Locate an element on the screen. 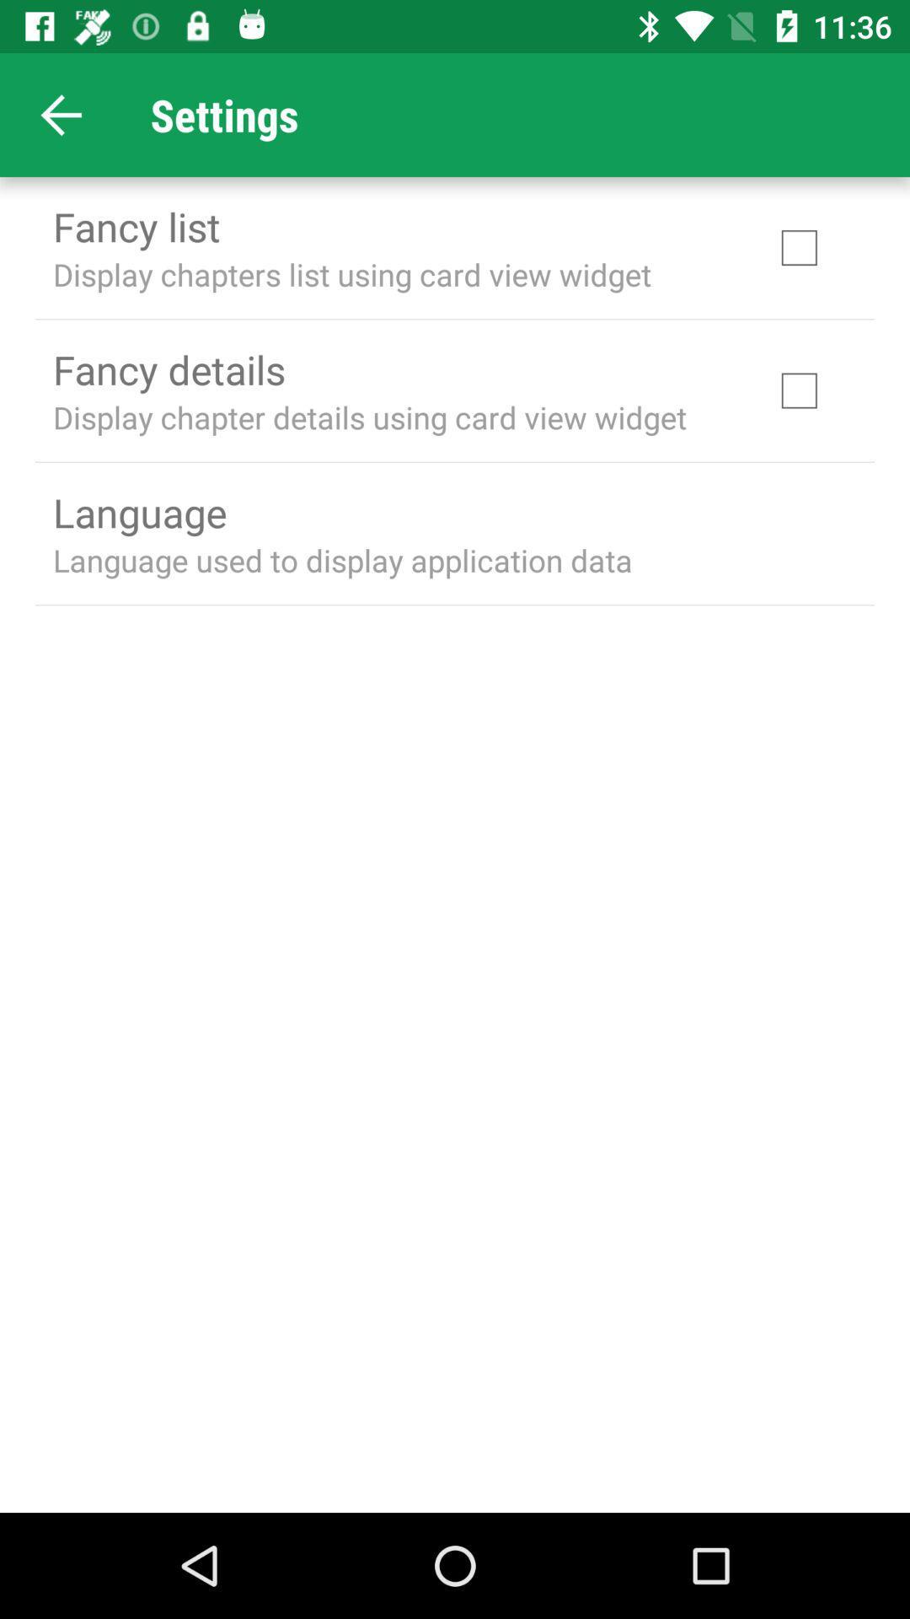 This screenshot has width=910, height=1619. the arrow_backward icon is located at coordinates (61, 114).